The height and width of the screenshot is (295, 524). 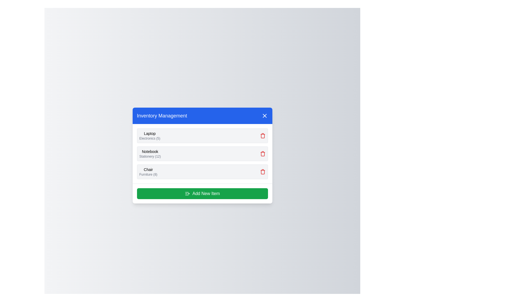 What do you see at coordinates (263, 135) in the screenshot?
I see `delete icon next to the item named Laptop to remove it from the inventory` at bounding box center [263, 135].